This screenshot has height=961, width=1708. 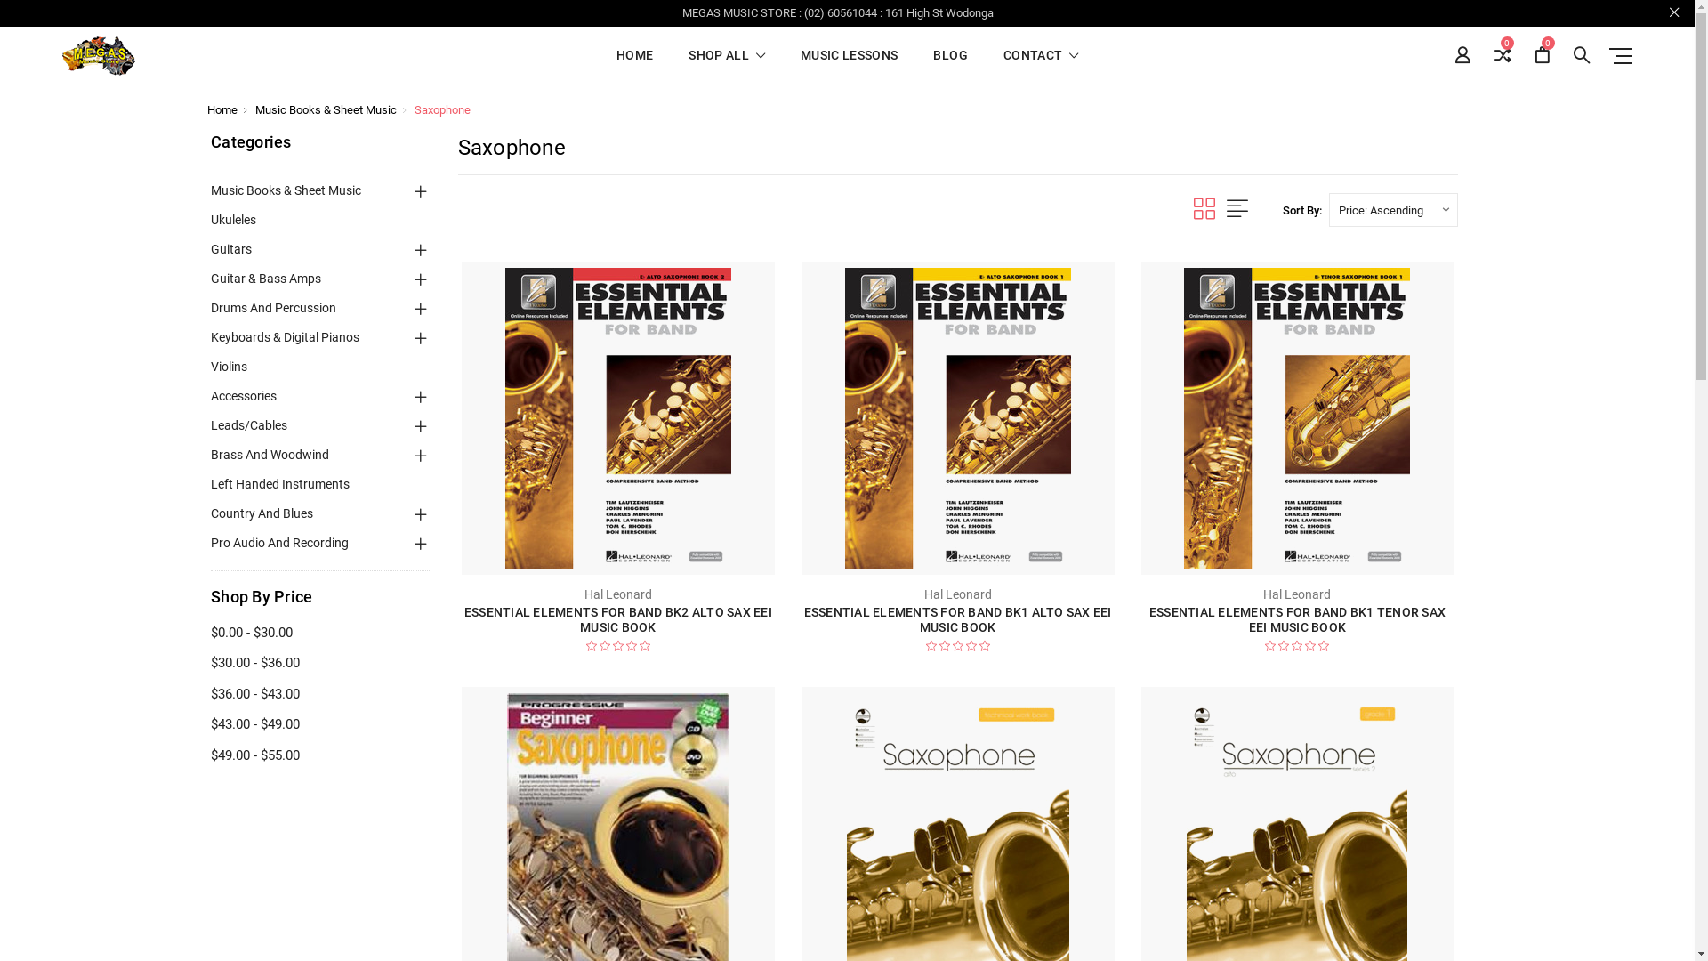 I want to click on '$30.00 - $36.00', so click(x=320, y=663).